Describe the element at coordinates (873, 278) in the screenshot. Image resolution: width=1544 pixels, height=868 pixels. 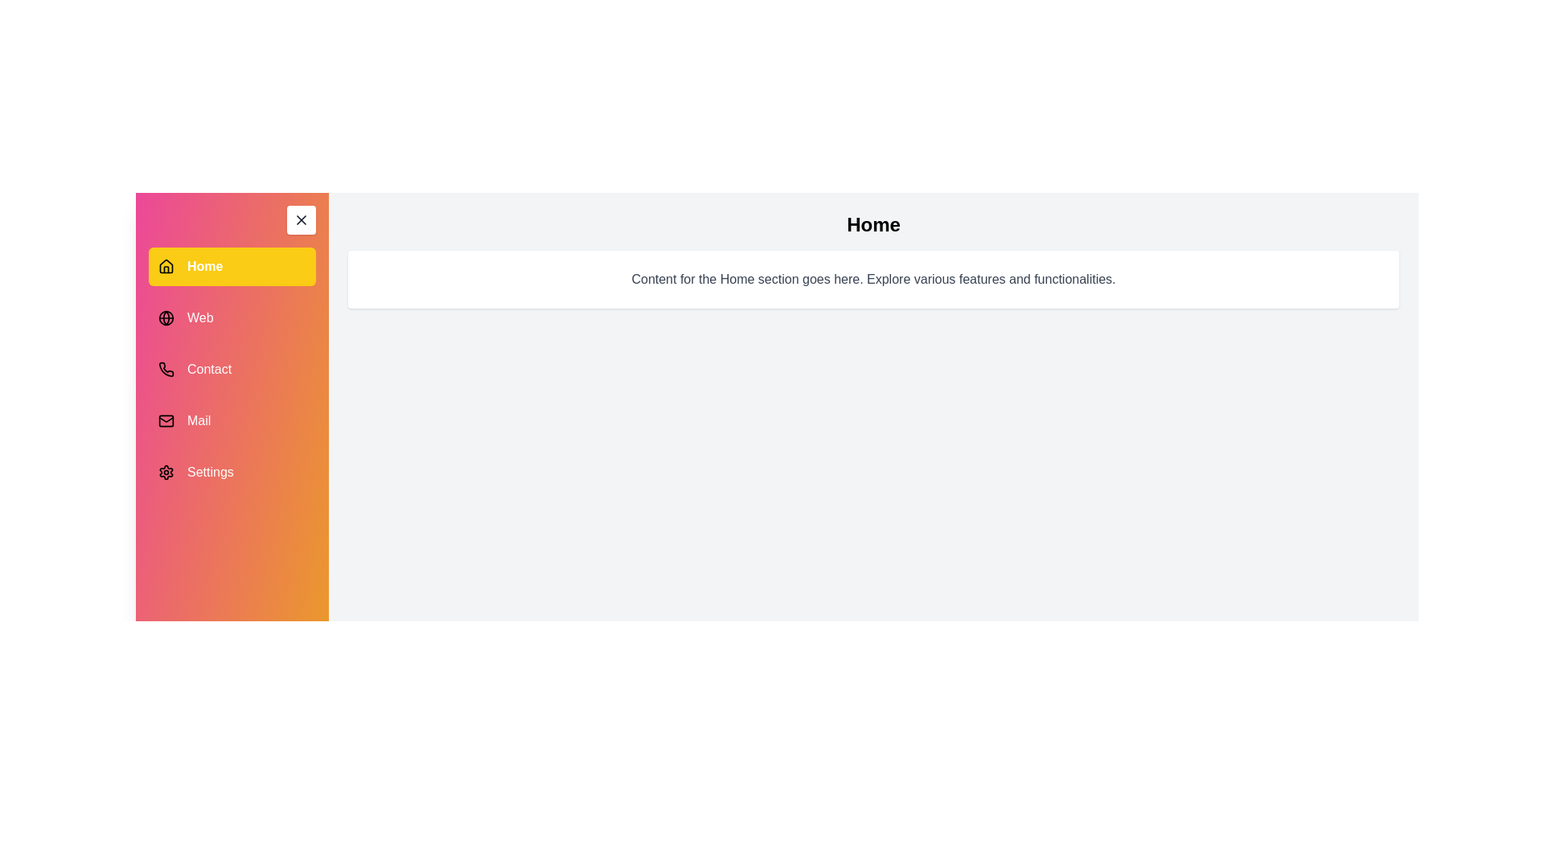
I see `the content area to explore the displayed text` at that location.